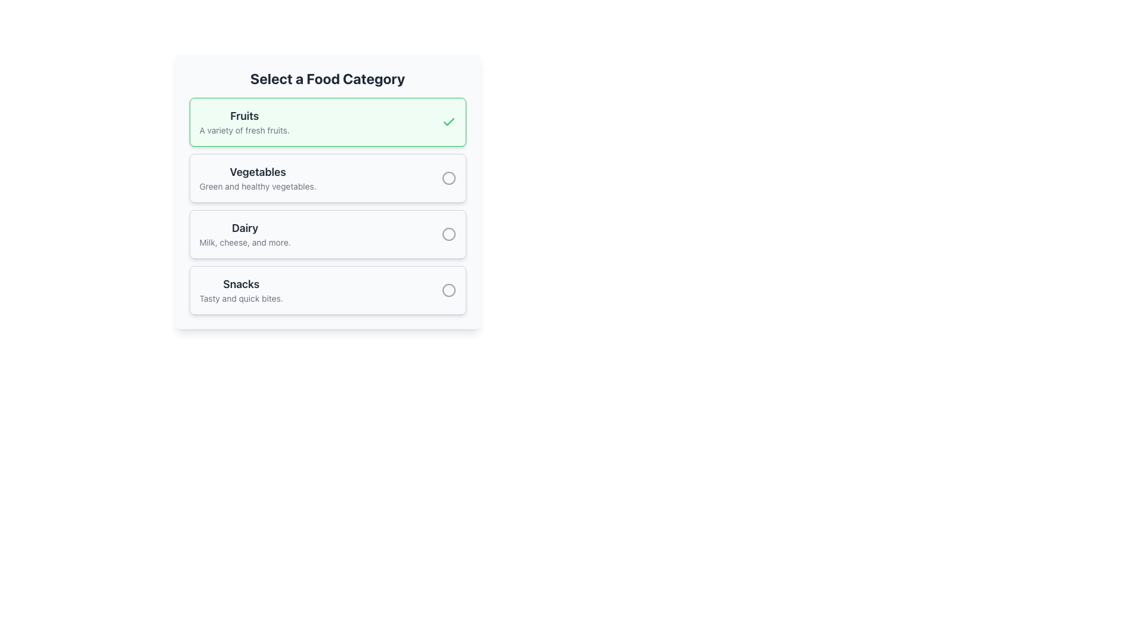  What do you see at coordinates (257, 186) in the screenshot?
I see `the text located below the 'Vegetables' title, which provides a brief description or tagline for the 'Vegetables' category` at bounding box center [257, 186].